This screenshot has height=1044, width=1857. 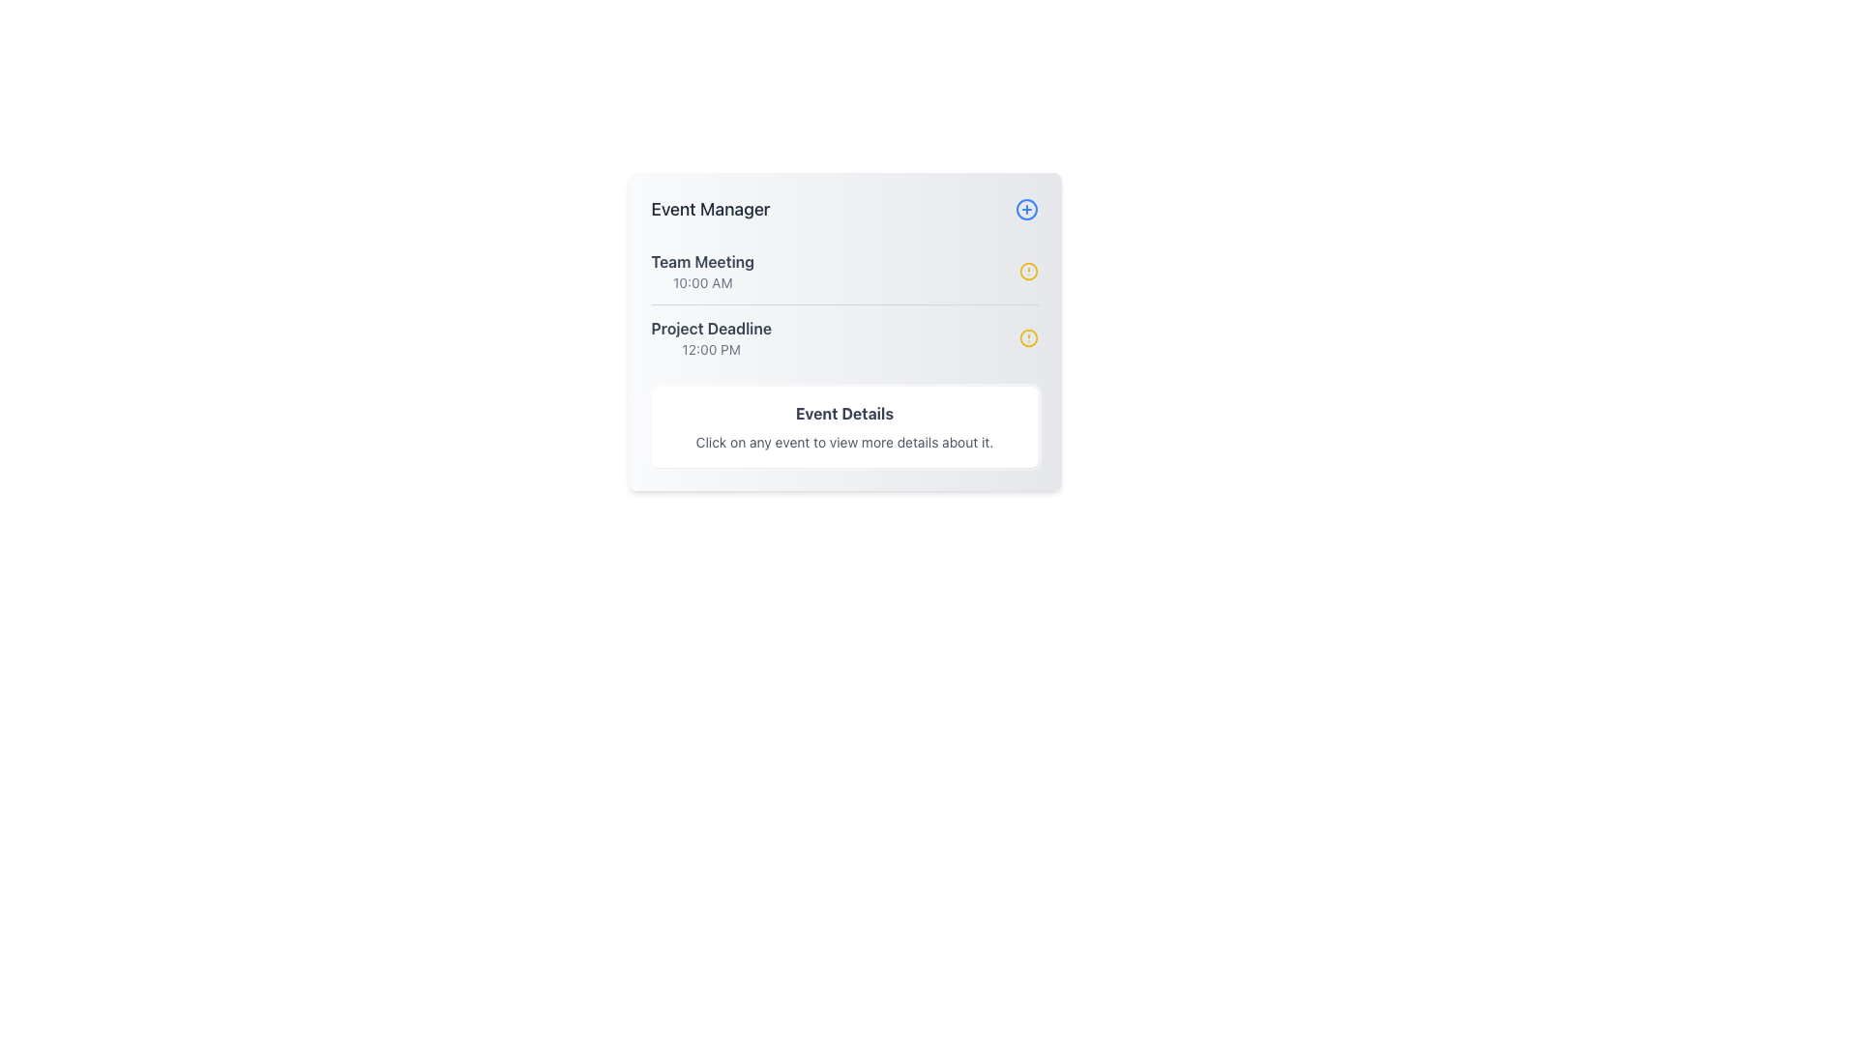 What do you see at coordinates (701, 272) in the screenshot?
I see `the 'Team Meeting' event listing in the 'Event Manager' section` at bounding box center [701, 272].